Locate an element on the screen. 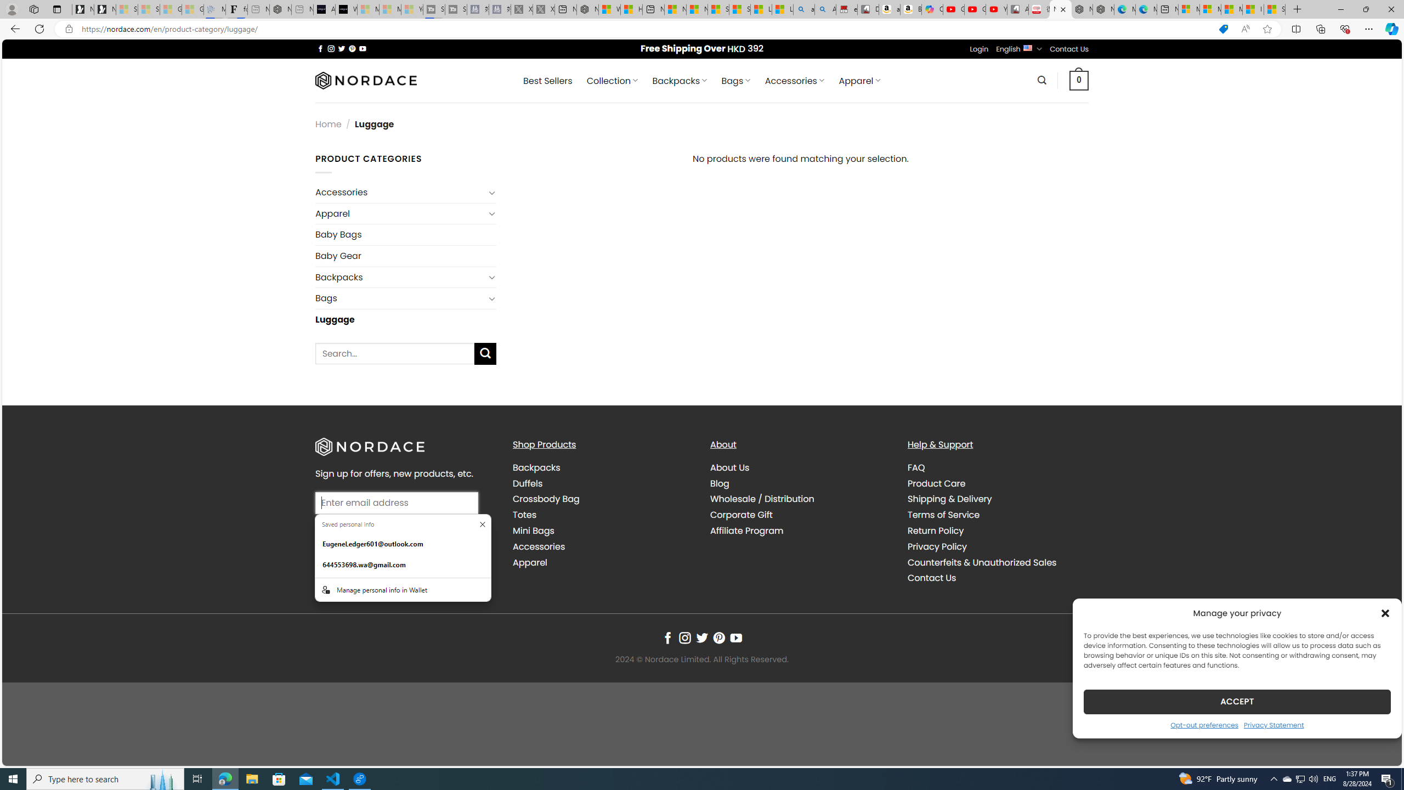 This screenshot has width=1404, height=790. 'Wholesale / Distribution' is located at coordinates (762, 499).